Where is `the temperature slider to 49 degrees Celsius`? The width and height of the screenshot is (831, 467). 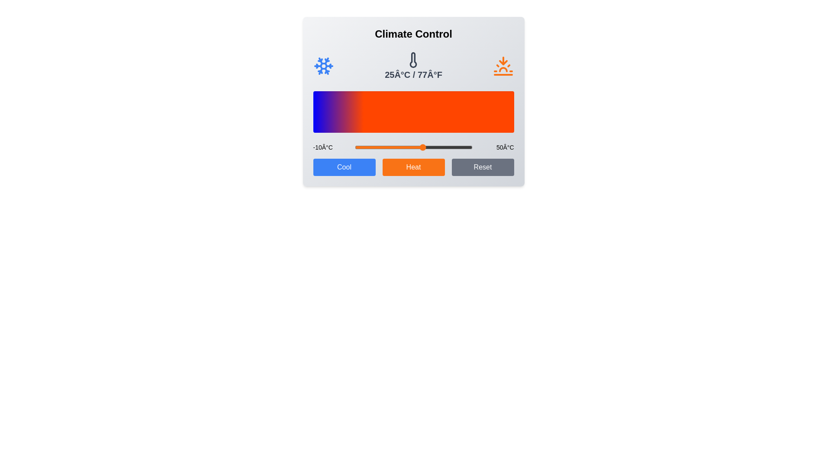 the temperature slider to 49 degrees Celsius is located at coordinates (470, 147).